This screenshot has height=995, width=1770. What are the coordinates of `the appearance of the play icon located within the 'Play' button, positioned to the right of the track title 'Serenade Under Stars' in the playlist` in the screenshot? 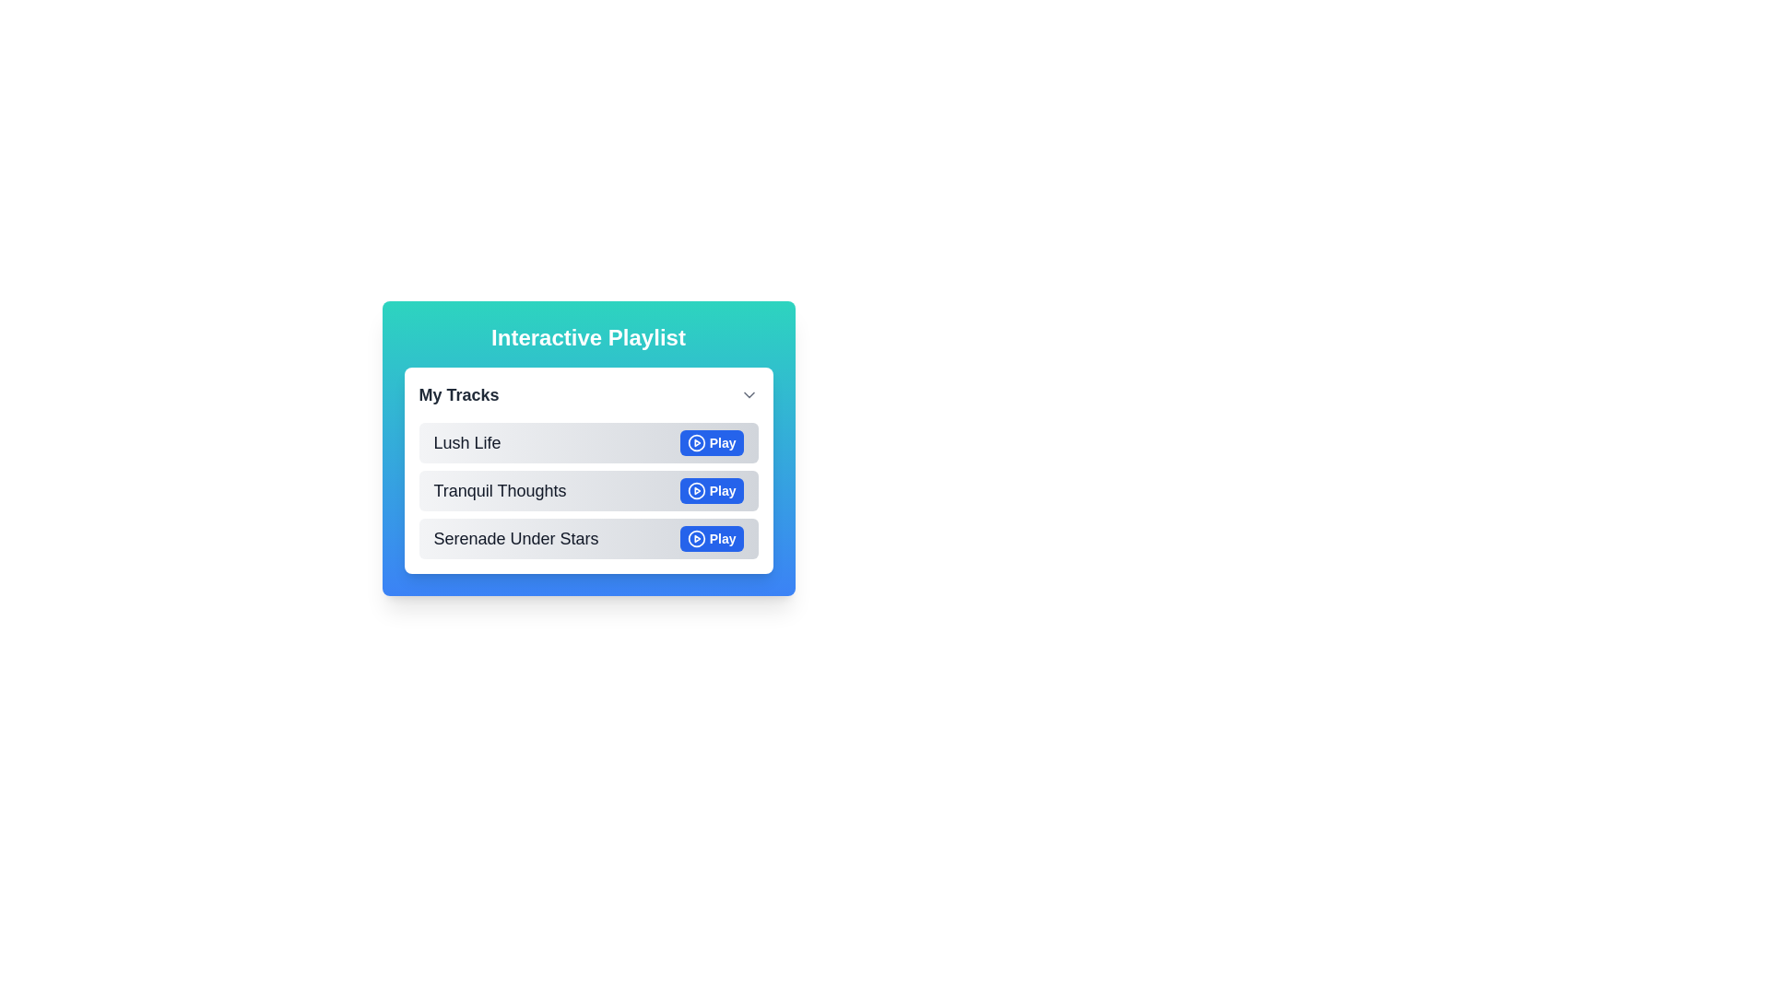 It's located at (695, 539).